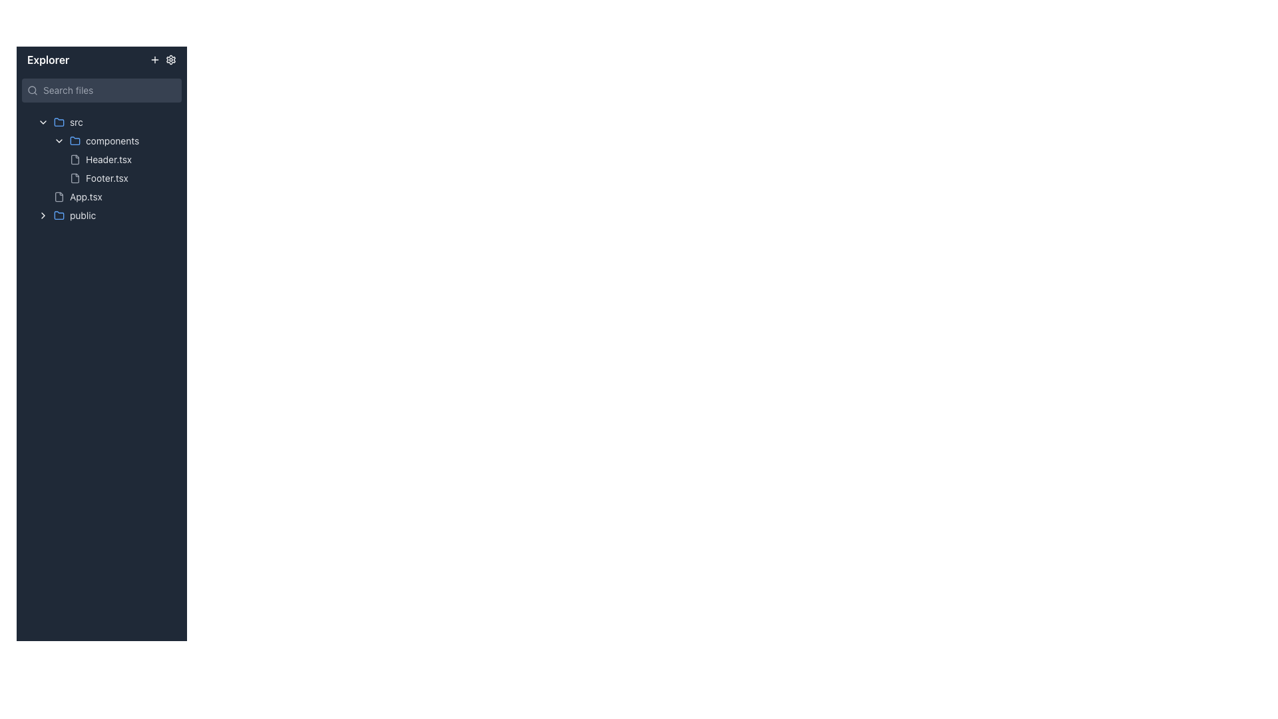 The image size is (1278, 719). Describe the element at coordinates (59, 197) in the screenshot. I see `the file icon that resembles a standard document symbol, which is located to the left of the text 'App.tsx' in the vertical directory list` at that location.